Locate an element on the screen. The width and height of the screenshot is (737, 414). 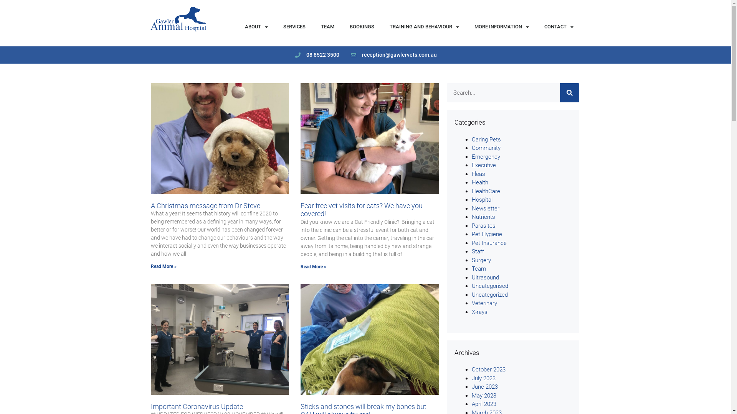
'Caring Pets' is located at coordinates (486, 139).